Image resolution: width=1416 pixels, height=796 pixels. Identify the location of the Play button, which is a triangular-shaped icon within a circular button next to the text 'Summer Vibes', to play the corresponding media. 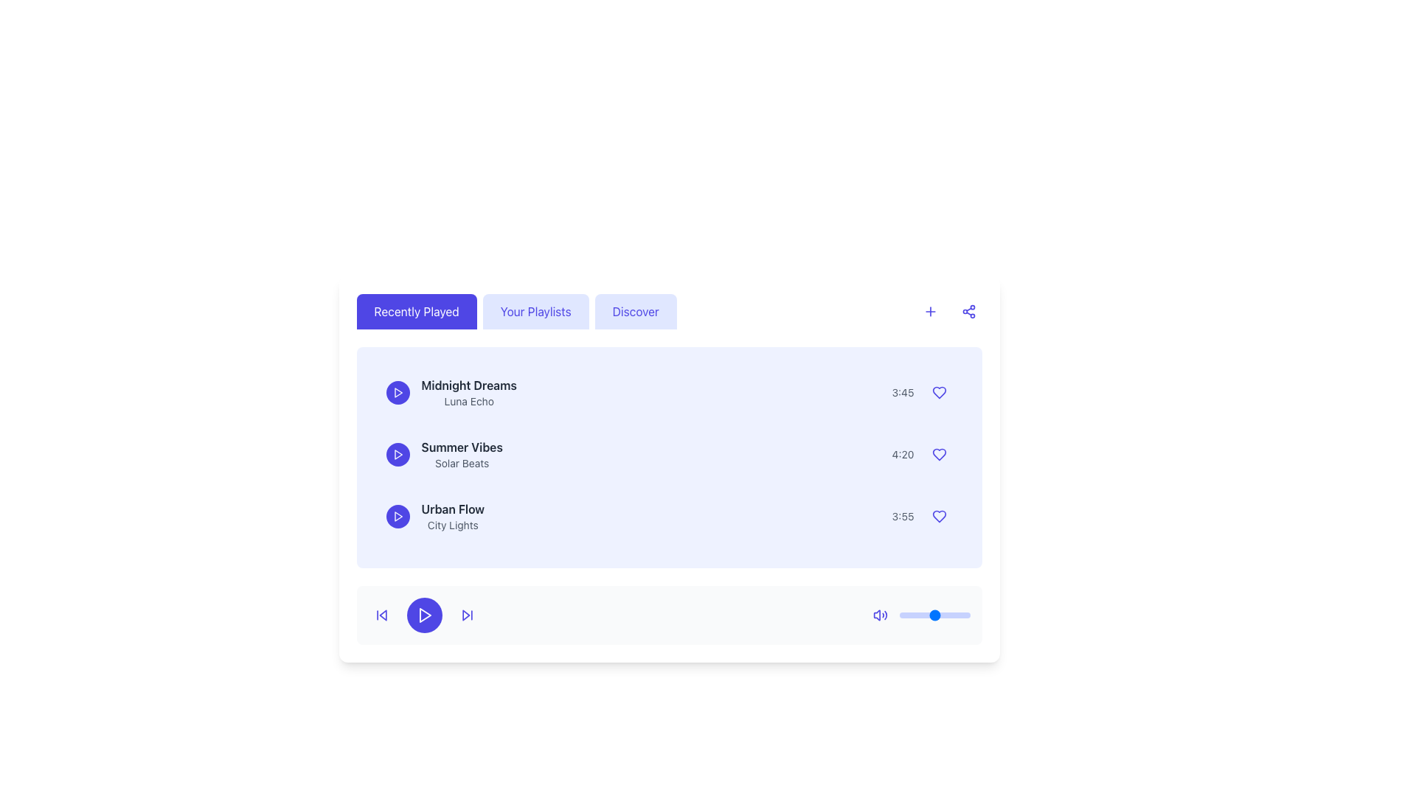
(398, 454).